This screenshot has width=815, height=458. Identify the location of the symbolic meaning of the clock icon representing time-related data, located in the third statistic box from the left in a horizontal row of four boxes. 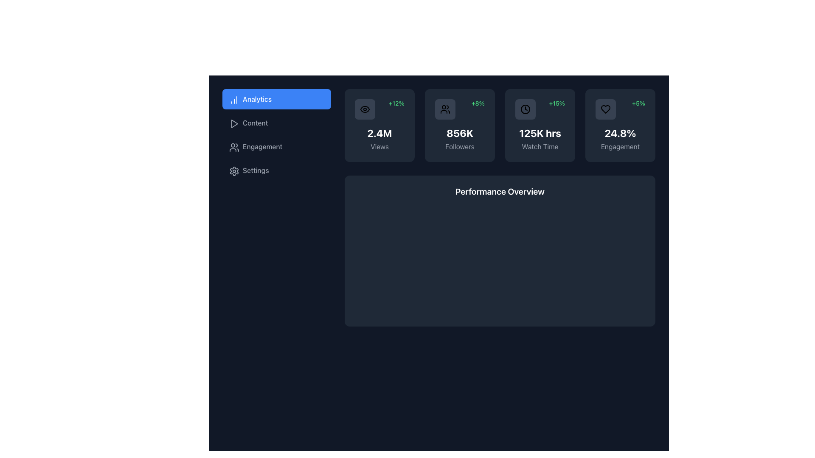
(525, 109).